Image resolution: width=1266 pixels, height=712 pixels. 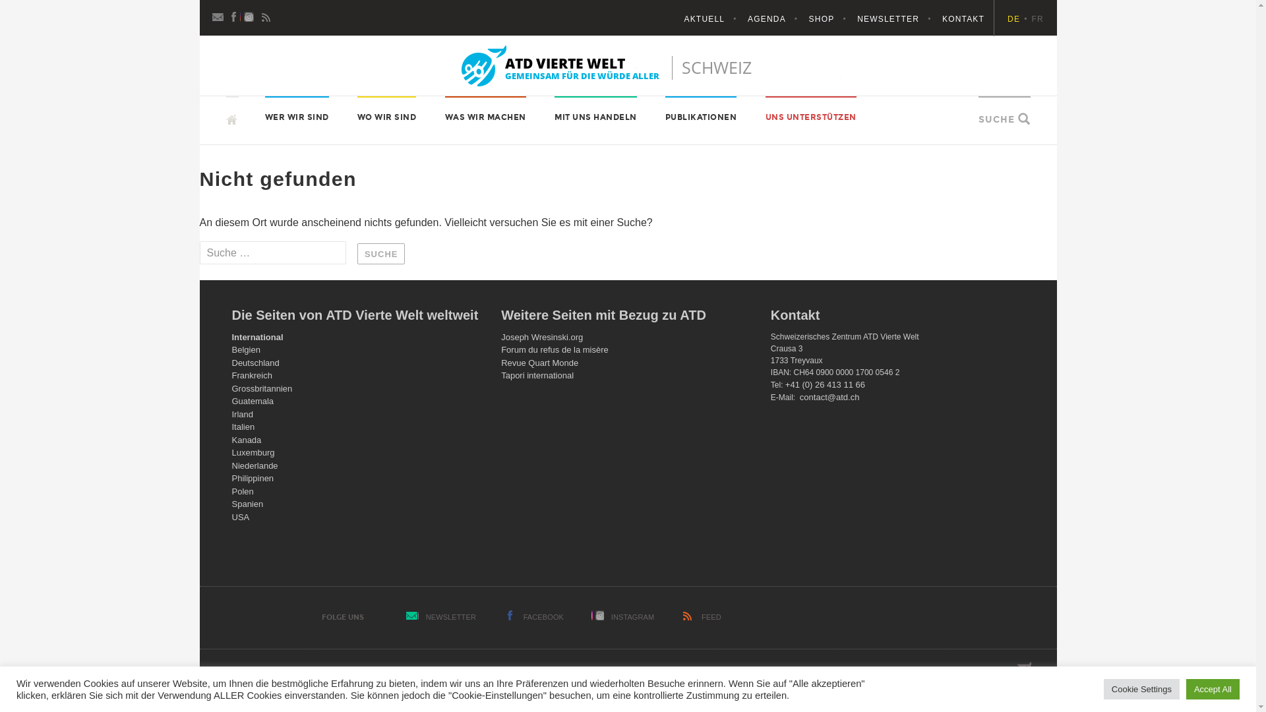 I want to click on 'Grossbritannien', so click(x=231, y=388).